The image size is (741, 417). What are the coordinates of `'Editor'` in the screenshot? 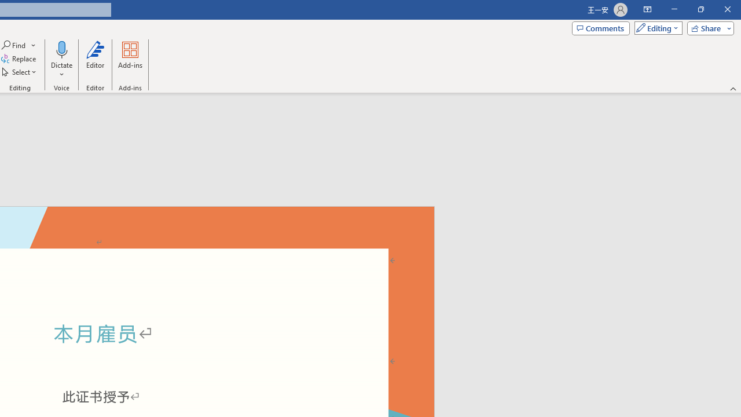 It's located at (95, 60).